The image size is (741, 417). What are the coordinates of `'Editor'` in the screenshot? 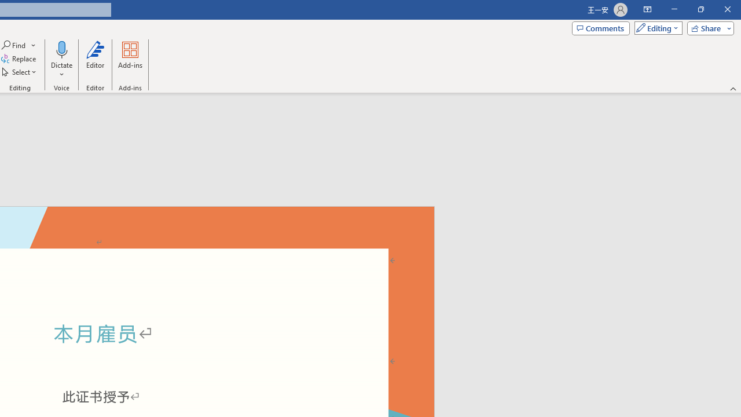 It's located at (95, 60).